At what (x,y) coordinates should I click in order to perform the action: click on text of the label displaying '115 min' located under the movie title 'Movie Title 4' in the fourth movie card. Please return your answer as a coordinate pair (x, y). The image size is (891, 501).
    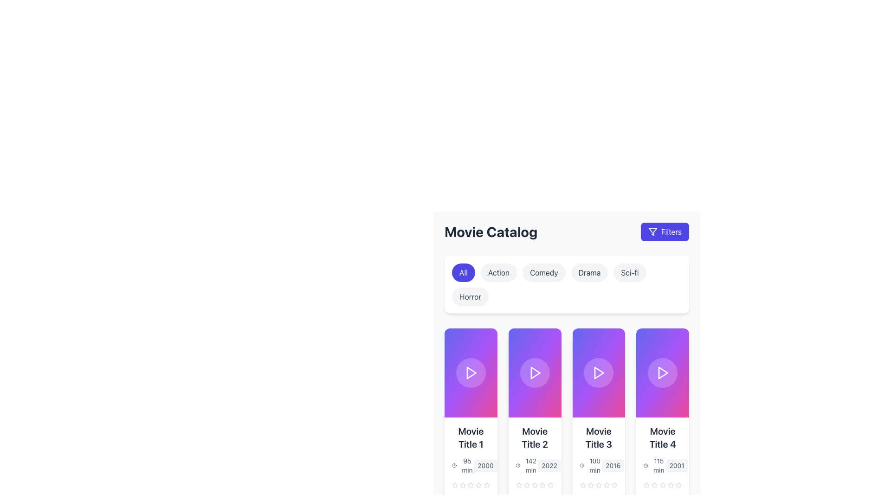
    Looking at the image, I should click on (658, 465).